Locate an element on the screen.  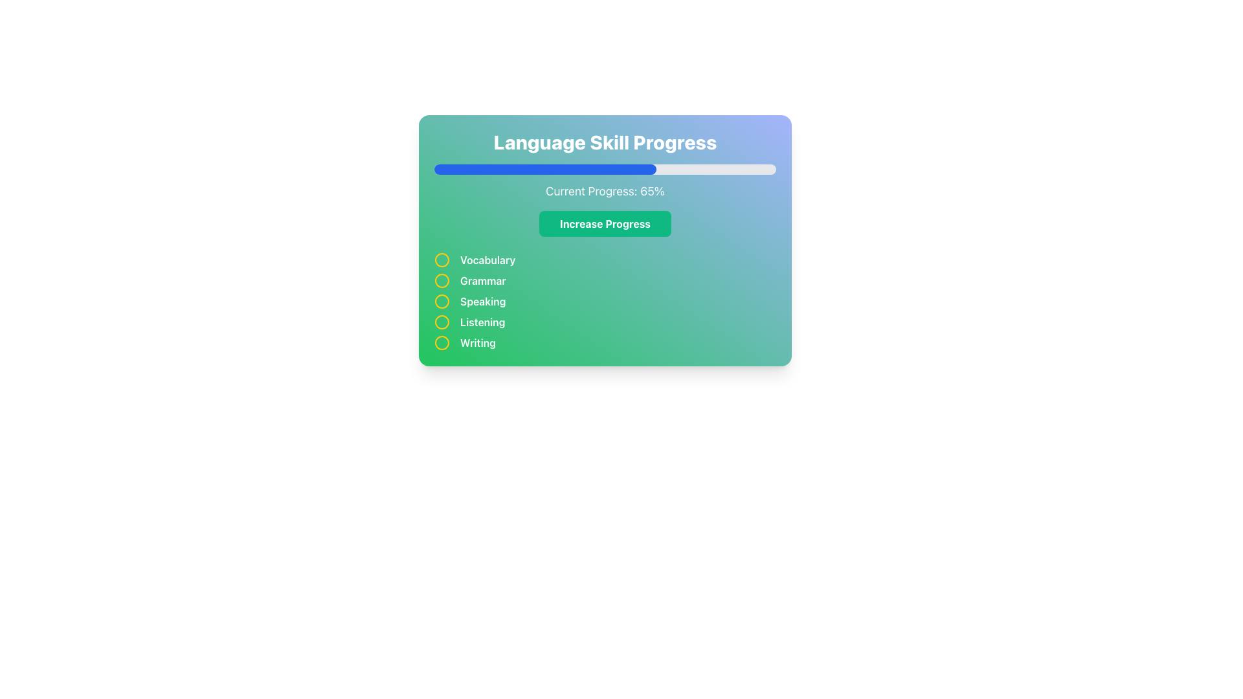
the 'Writing' skill text label, which is the last label in a vertically aligned list of skills, located at the bottom-right of the green box, directly below the 'Listening' label is located at coordinates (477, 342).